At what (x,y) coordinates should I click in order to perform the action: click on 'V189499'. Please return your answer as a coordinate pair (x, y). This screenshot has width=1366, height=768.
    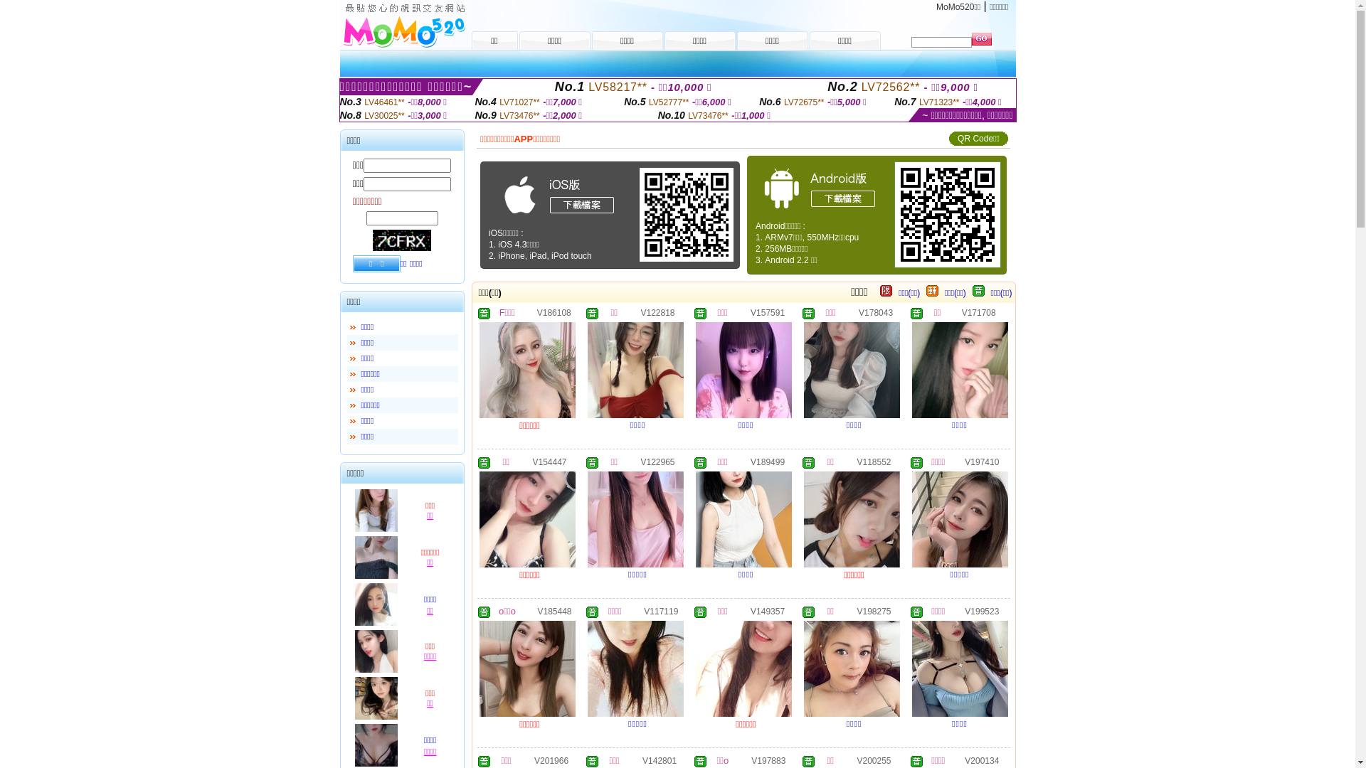
    Looking at the image, I should click on (767, 461).